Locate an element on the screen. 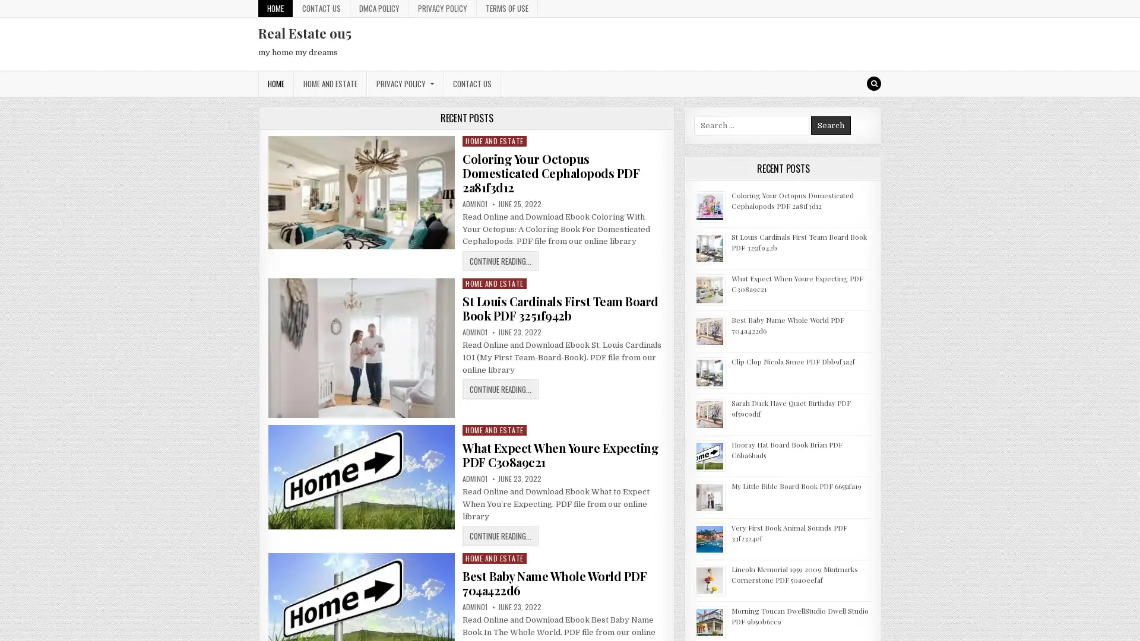  Search is located at coordinates (830, 125).